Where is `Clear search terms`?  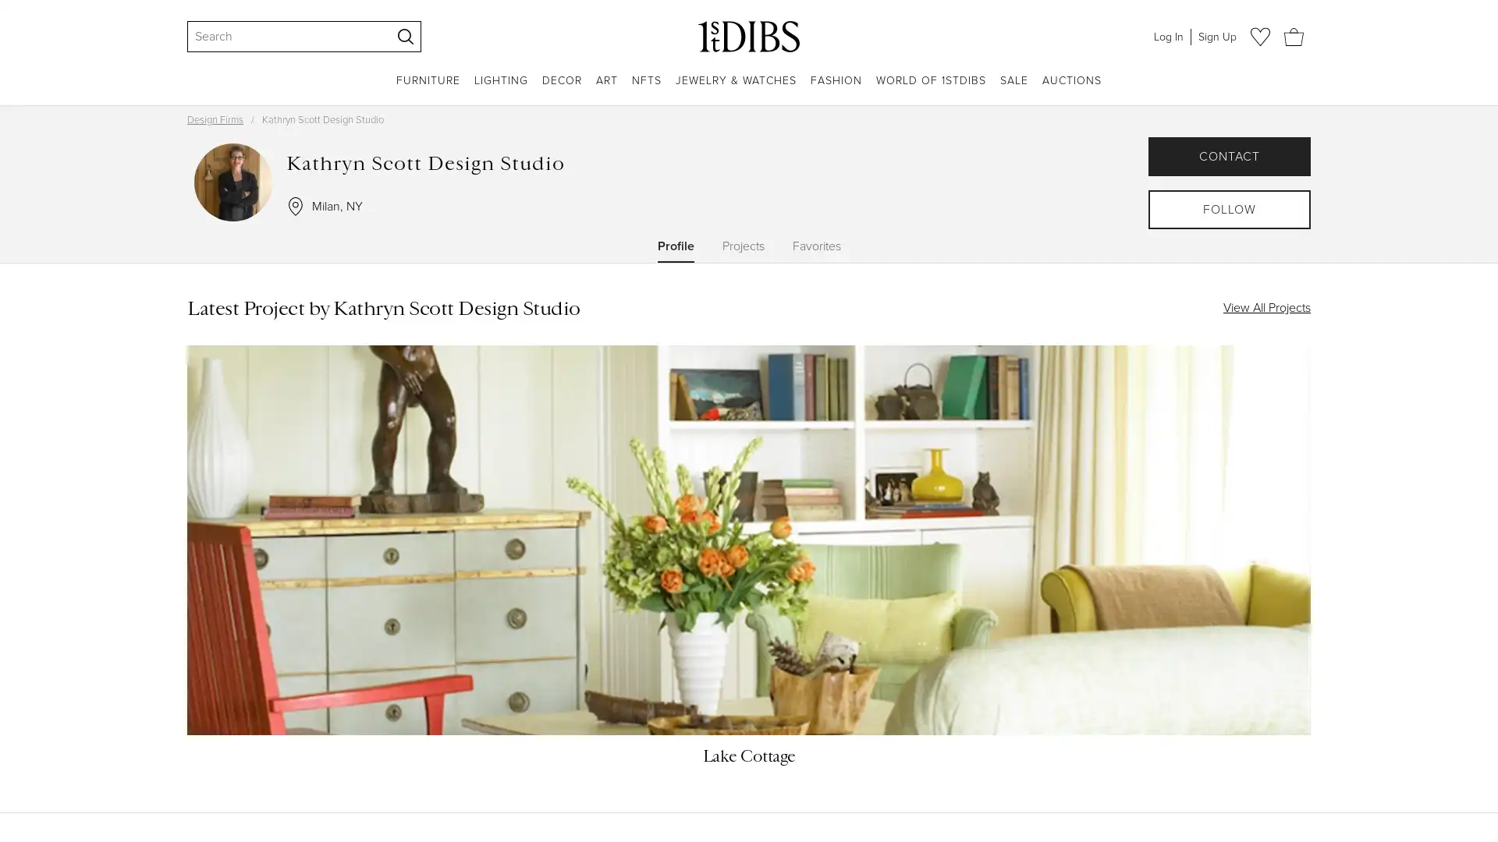
Clear search terms is located at coordinates (379, 35).